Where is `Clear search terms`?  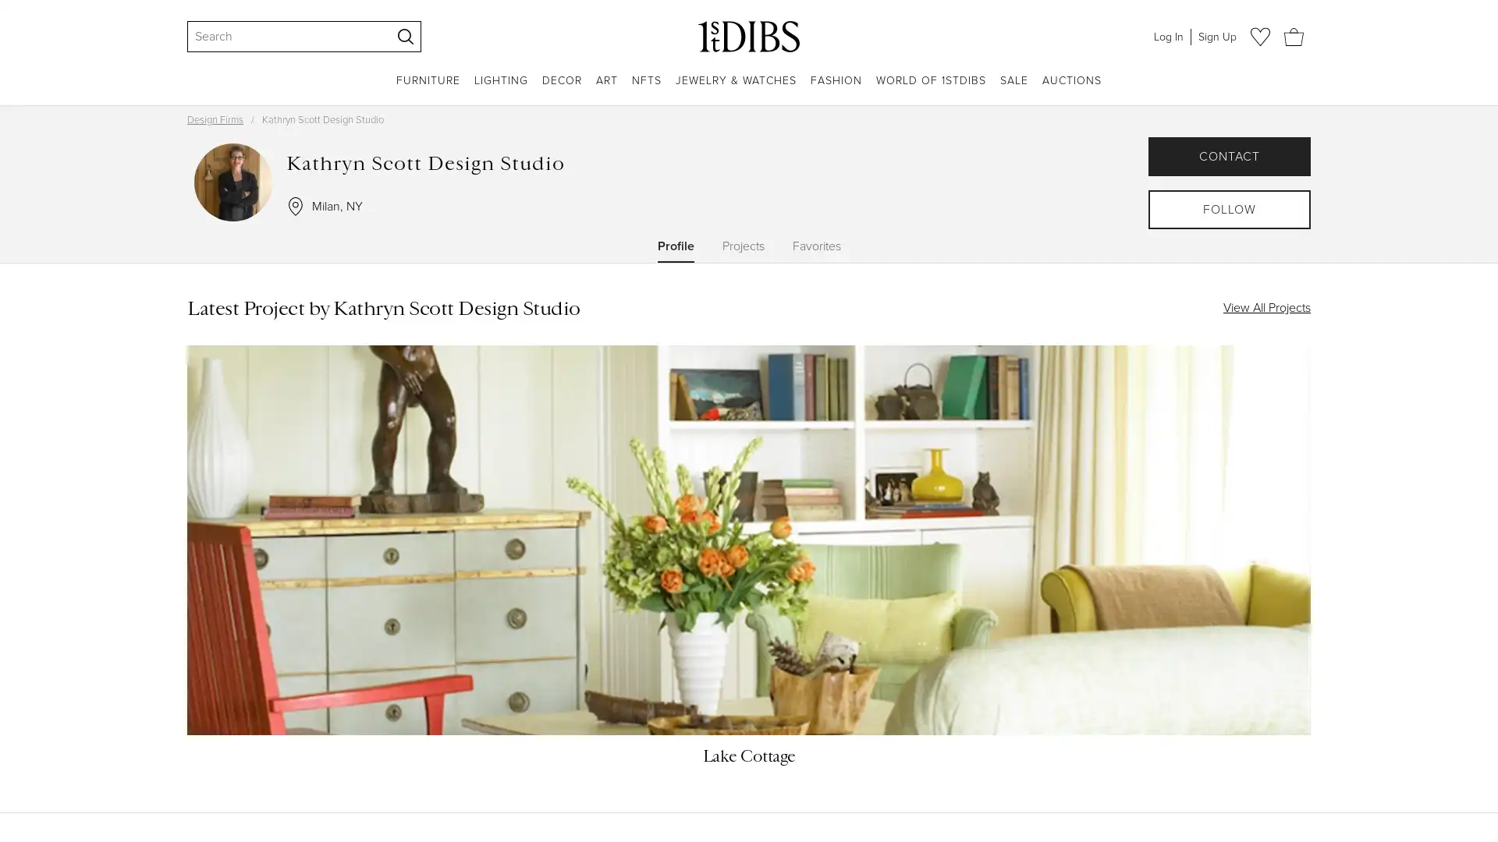
Clear search terms is located at coordinates (379, 35).